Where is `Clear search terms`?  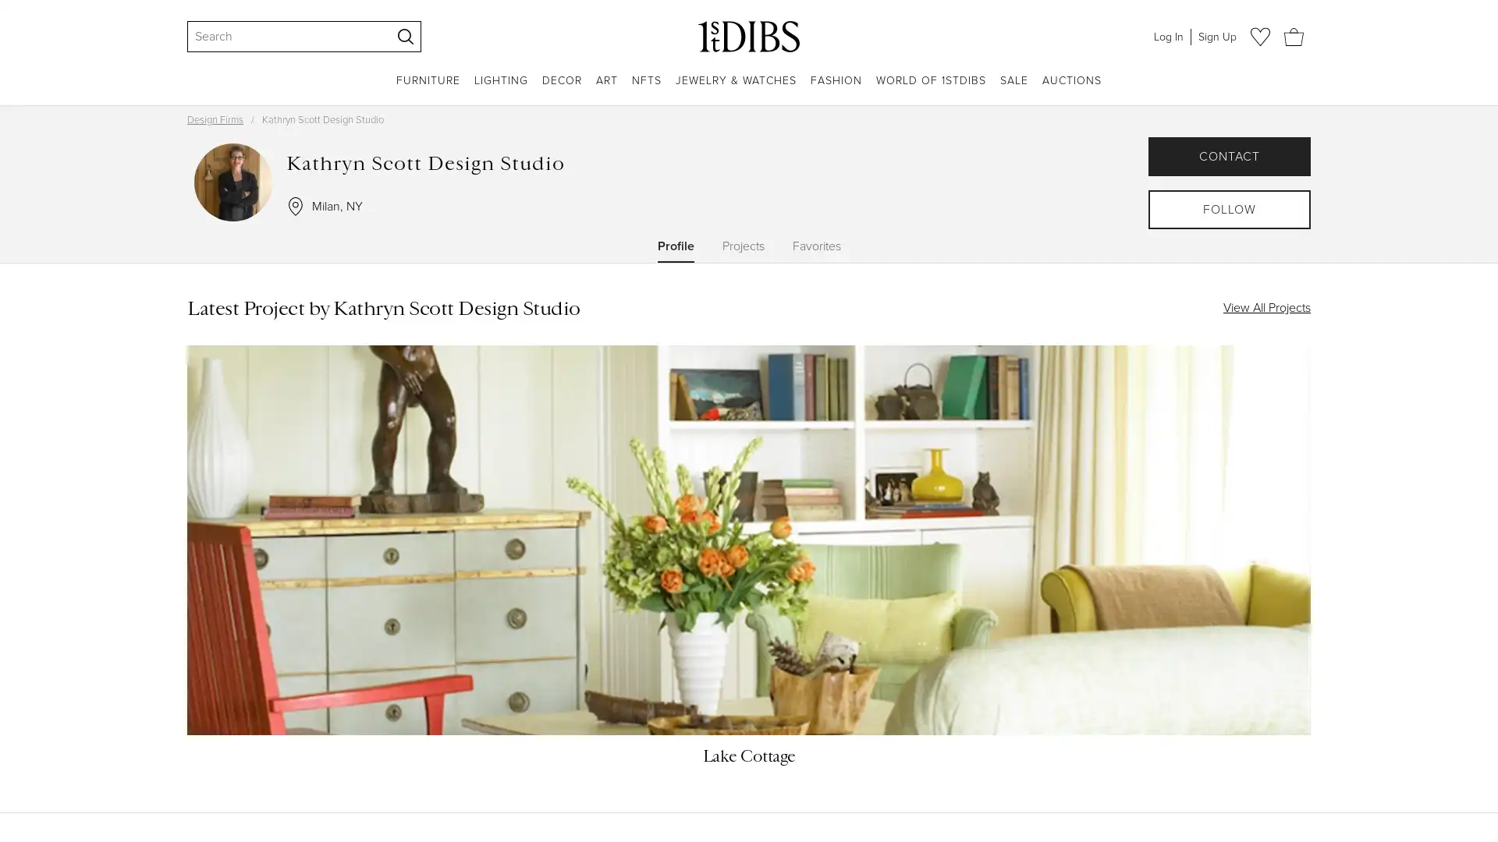
Clear search terms is located at coordinates (379, 35).